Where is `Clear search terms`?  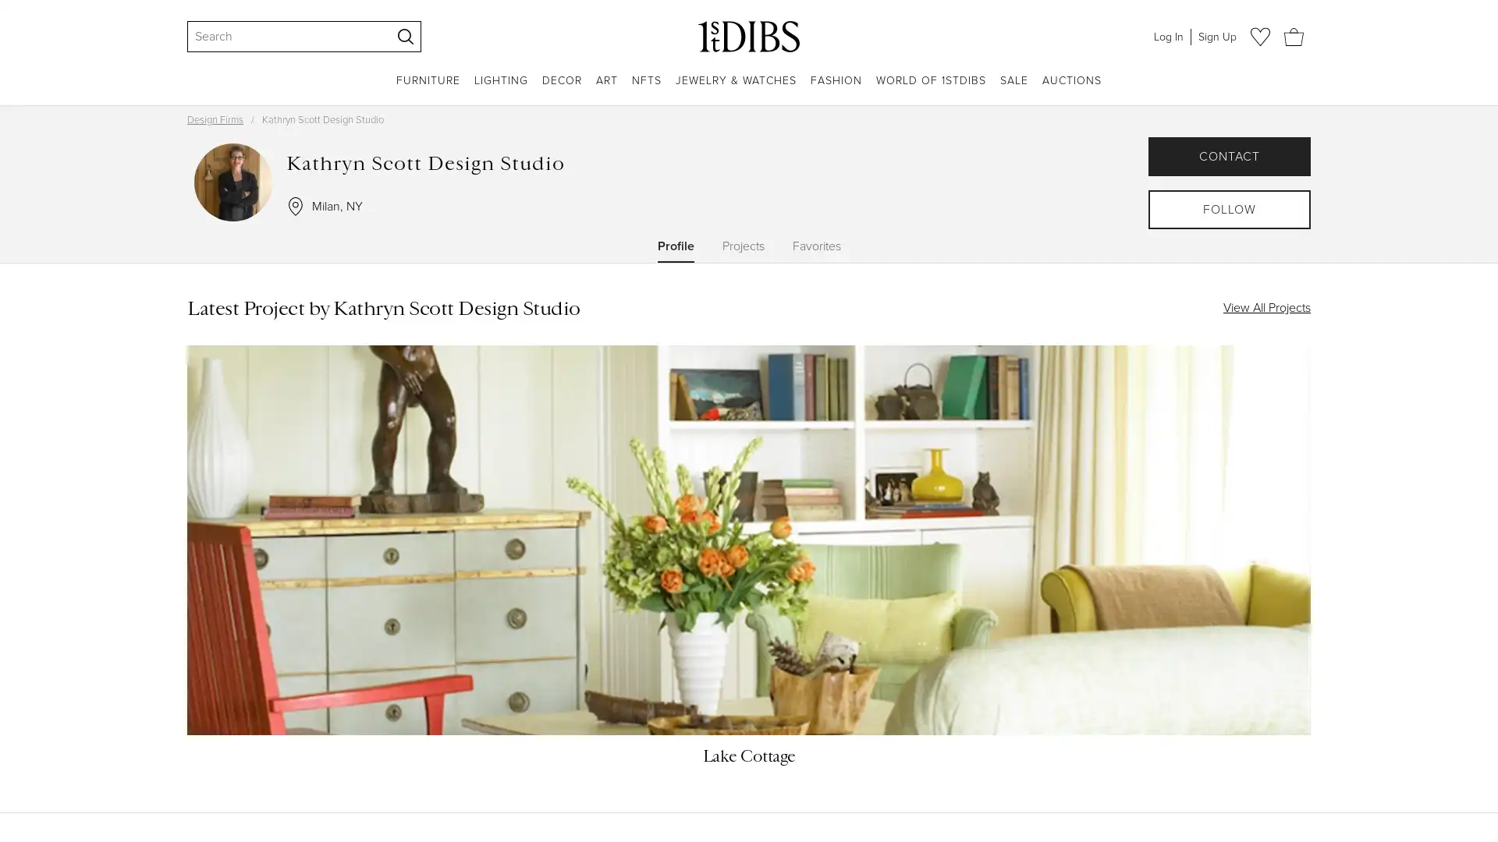
Clear search terms is located at coordinates (379, 35).